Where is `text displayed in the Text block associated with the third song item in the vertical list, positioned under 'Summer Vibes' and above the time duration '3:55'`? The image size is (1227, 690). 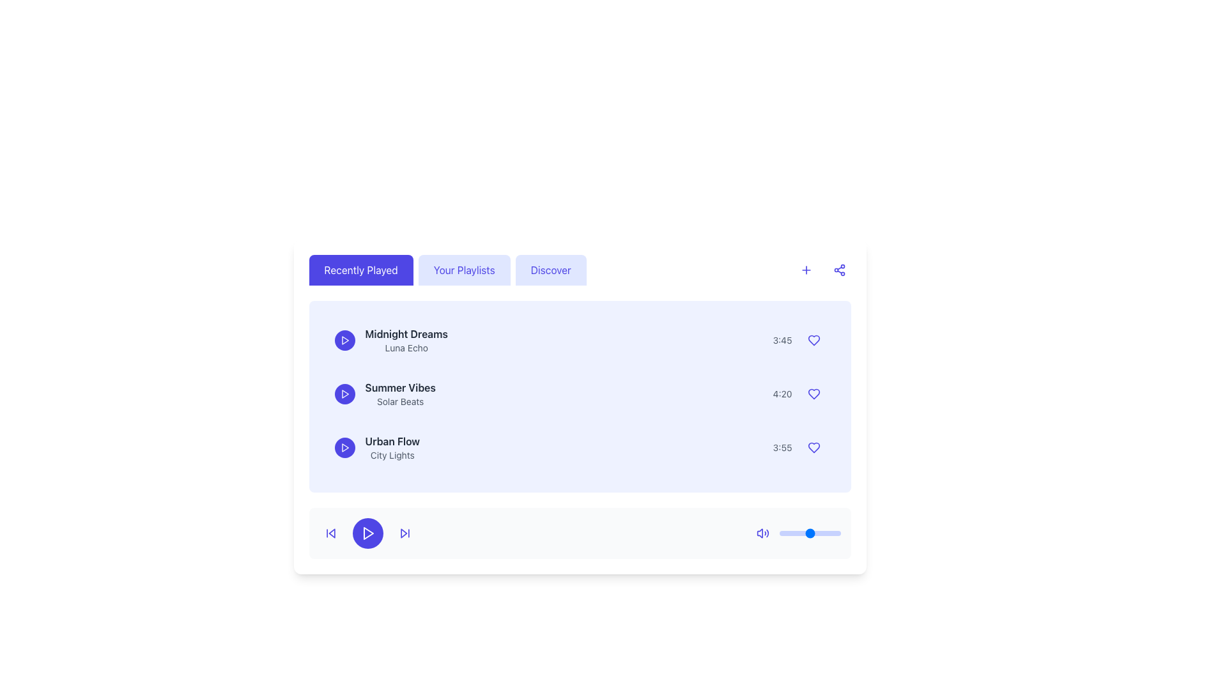
text displayed in the Text block associated with the third song item in the vertical list, positioned under 'Summer Vibes' and above the time duration '3:55' is located at coordinates (376, 447).